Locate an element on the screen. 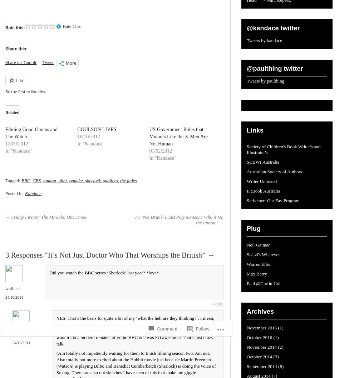 The width and height of the screenshot is (354, 378). 'I’m Not Drunk, I Just Play Someone Who is On the Internet →' is located at coordinates (179, 220).